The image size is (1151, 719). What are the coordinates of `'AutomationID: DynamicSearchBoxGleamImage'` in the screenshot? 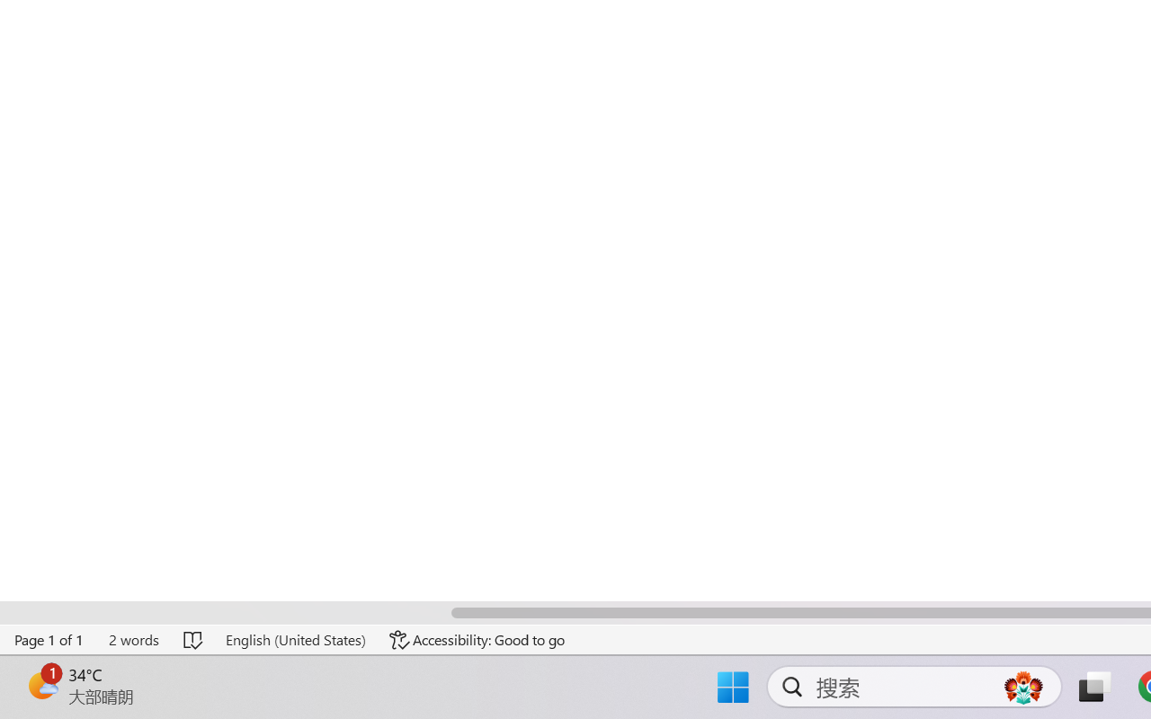 It's located at (1023, 687).